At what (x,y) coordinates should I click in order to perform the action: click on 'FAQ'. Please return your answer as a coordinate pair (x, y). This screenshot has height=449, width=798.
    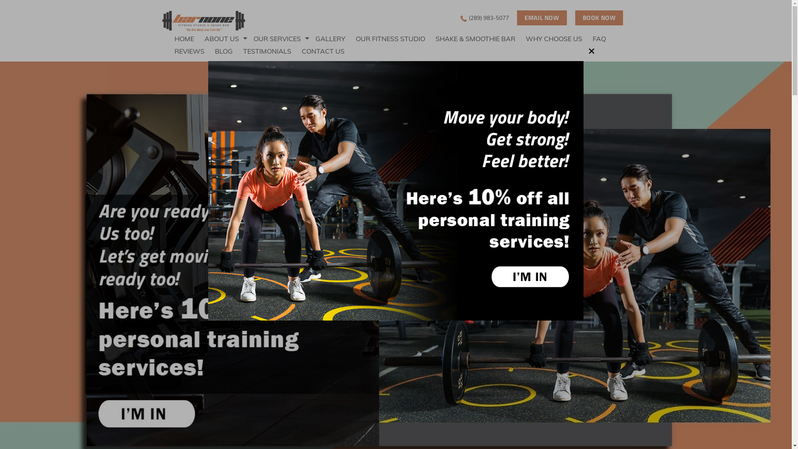
    Looking at the image, I should click on (604, 38).